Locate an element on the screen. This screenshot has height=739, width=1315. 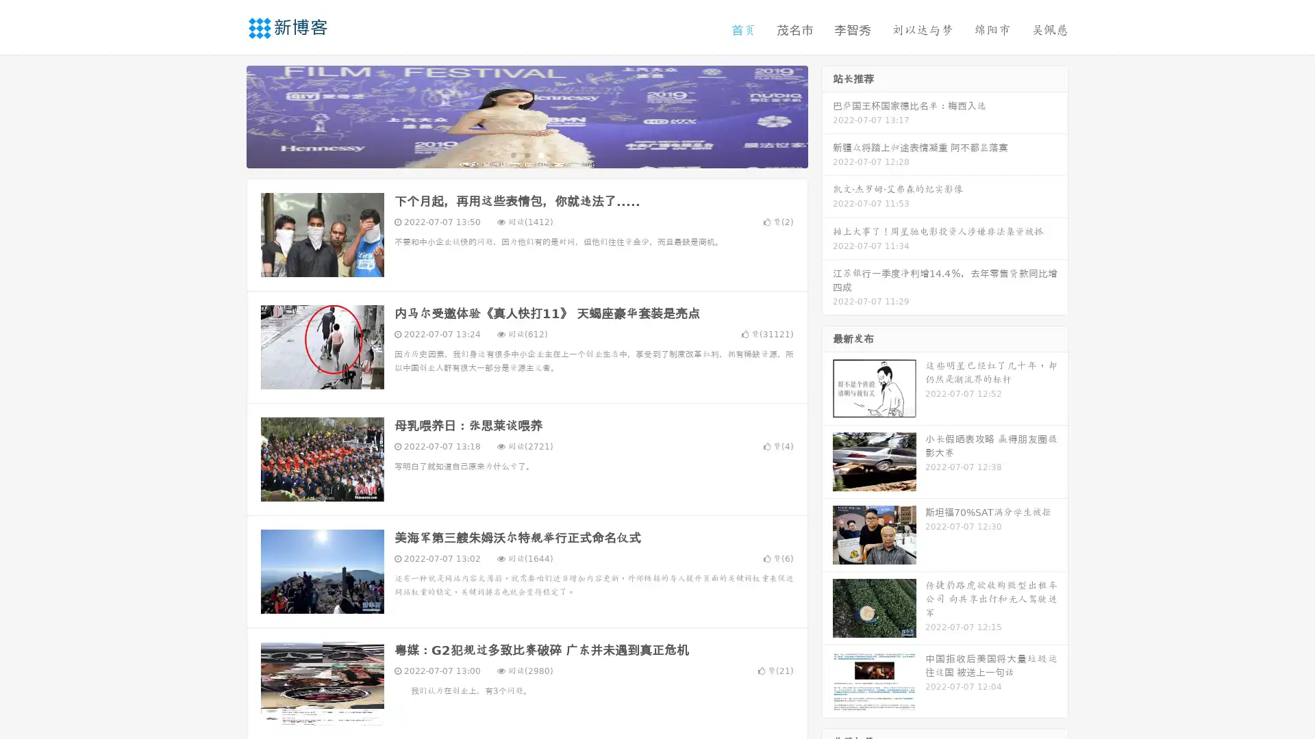
Previous slide is located at coordinates (226, 115).